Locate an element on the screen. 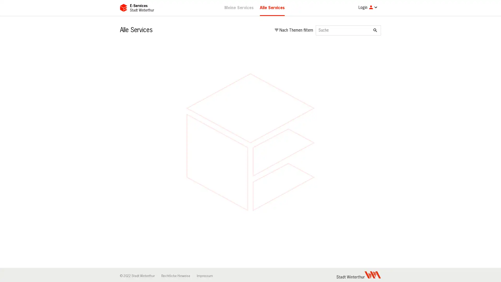 The height and width of the screenshot is (282, 501). Service Baugesuch fur Kleinbauvorhaben zu Meine Services hinzufugen is located at coordinates (284, 219).